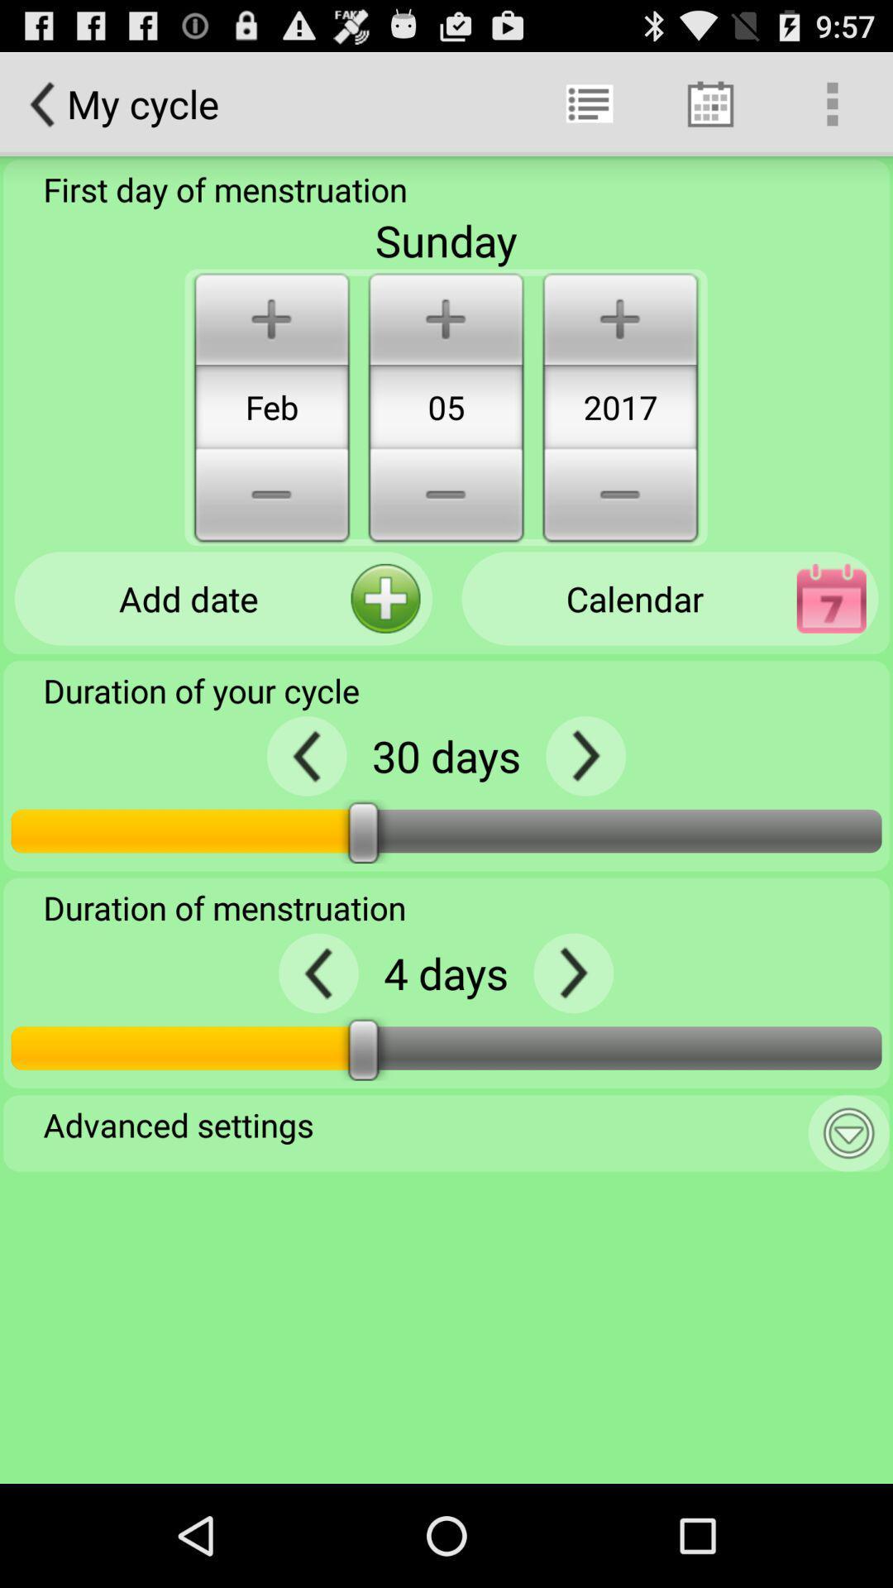  Describe the element at coordinates (848, 1132) in the screenshot. I see `the settings button` at that location.